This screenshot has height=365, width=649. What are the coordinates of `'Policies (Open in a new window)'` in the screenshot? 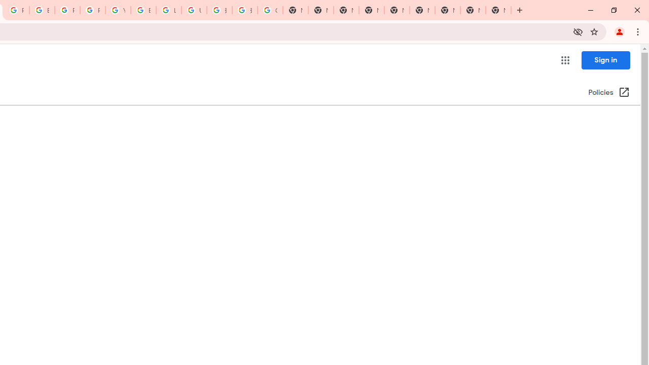 It's located at (608, 93).